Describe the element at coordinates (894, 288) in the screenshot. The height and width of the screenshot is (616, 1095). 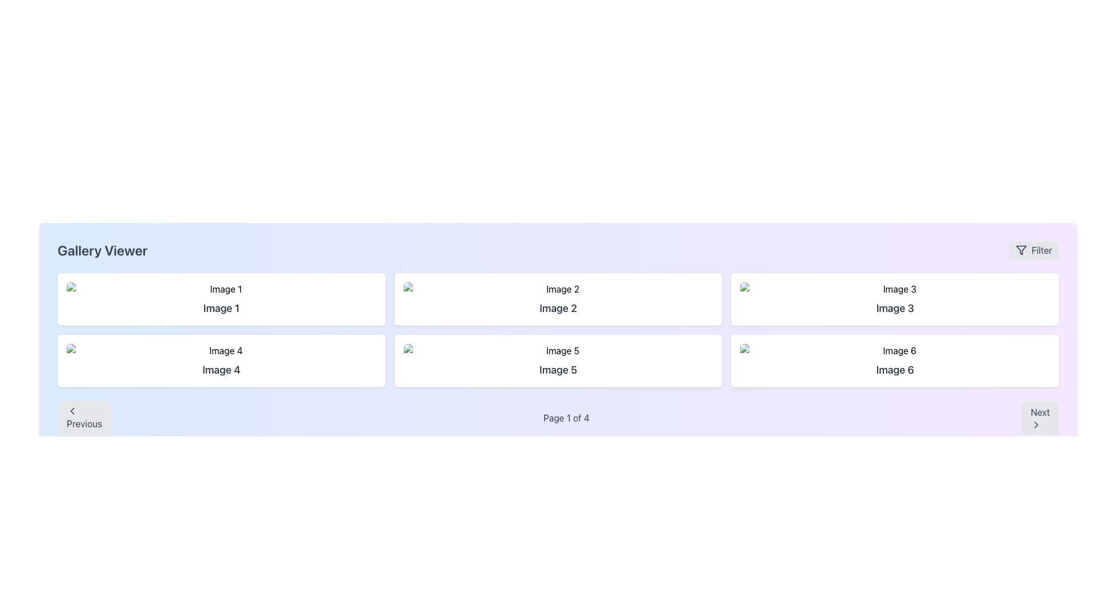
I see `the placeholder image labeled 'Image 3' located in the third card of the second row in the grid layout` at that location.